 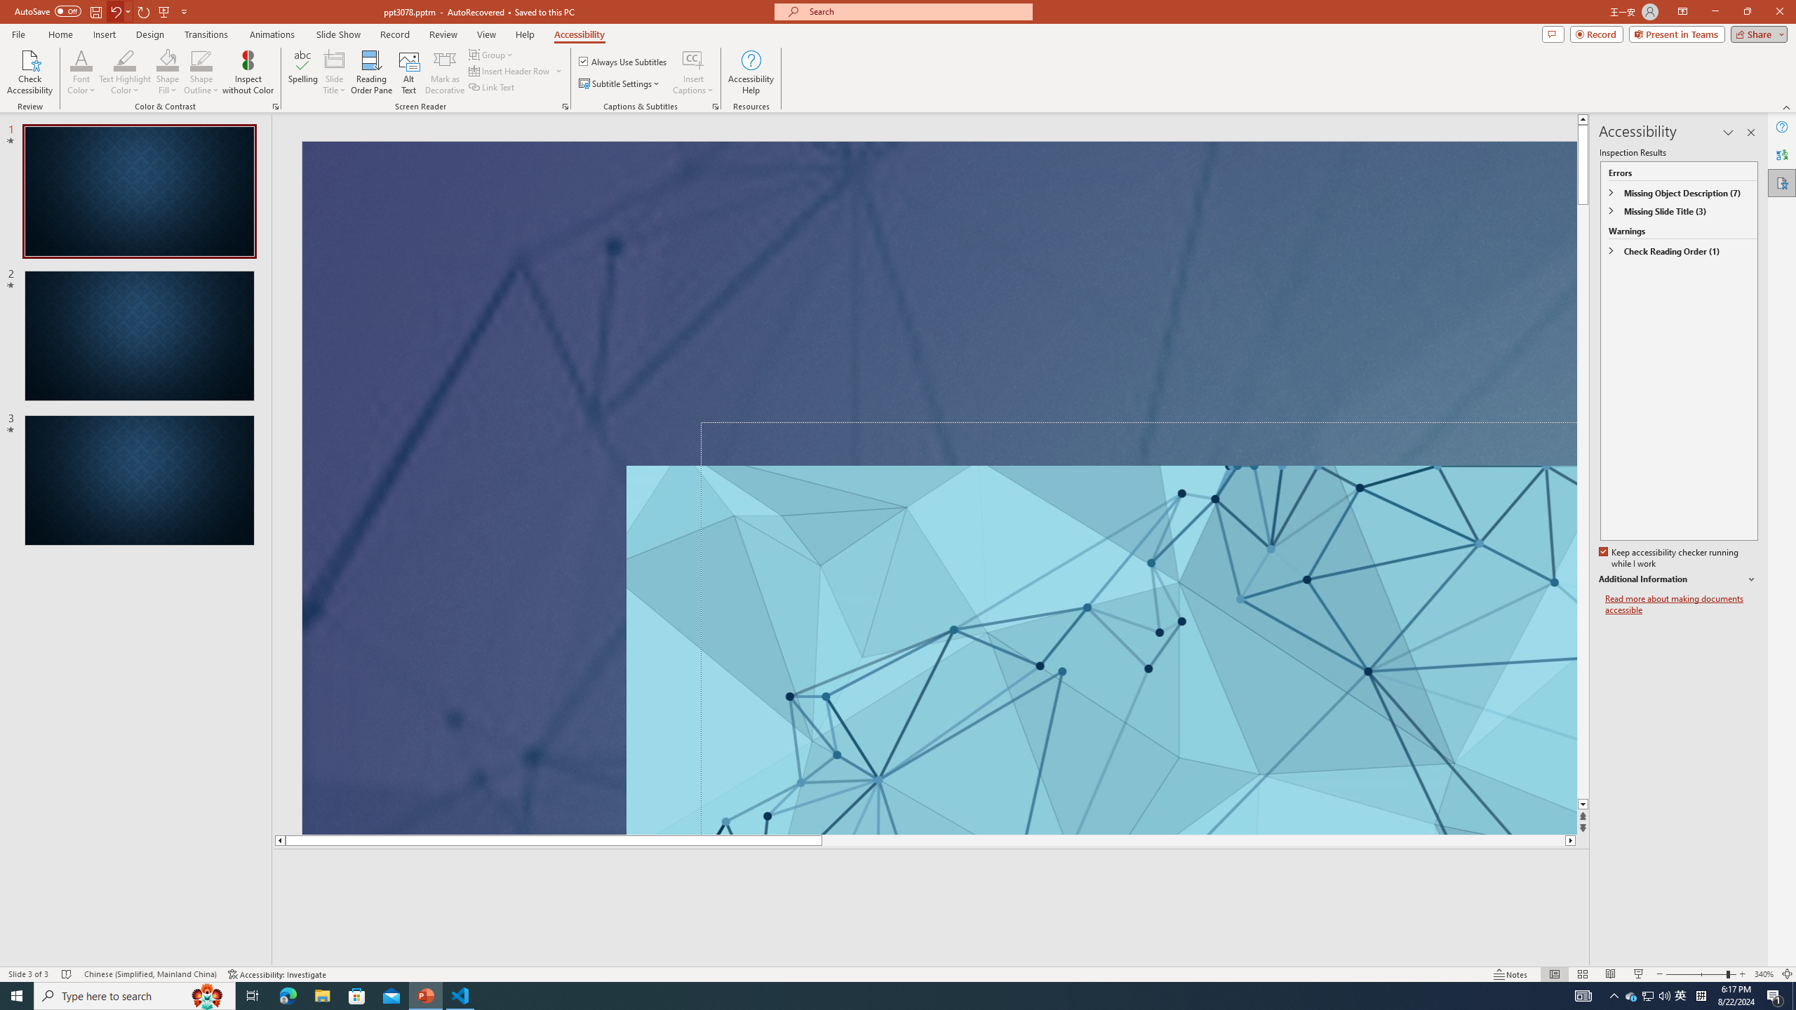 What do you see at coordinates (692, 72) in the screenshot?
I see `'Insert Captions'` at bounding box center [692, 72].